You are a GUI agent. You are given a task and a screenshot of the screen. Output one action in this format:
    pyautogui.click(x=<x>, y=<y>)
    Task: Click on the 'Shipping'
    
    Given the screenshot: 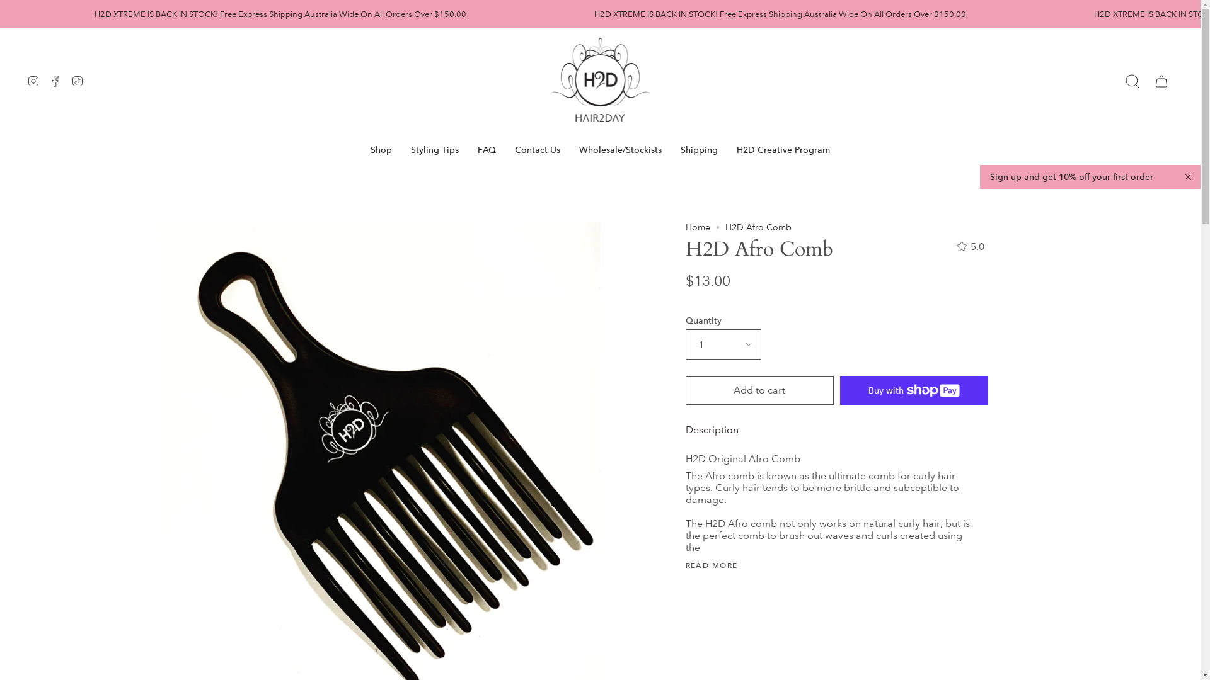 What is the action you would take?
    pyautogui.click(x=671, y=149)
    